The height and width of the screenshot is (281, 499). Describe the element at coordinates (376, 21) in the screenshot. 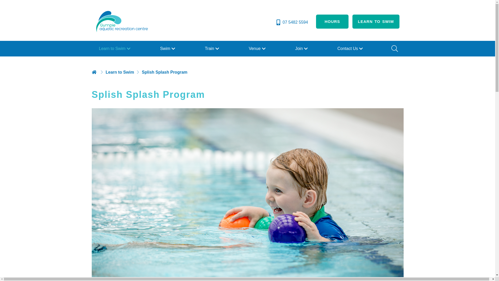

I see `'LEARN TO SWIM'` at that location.